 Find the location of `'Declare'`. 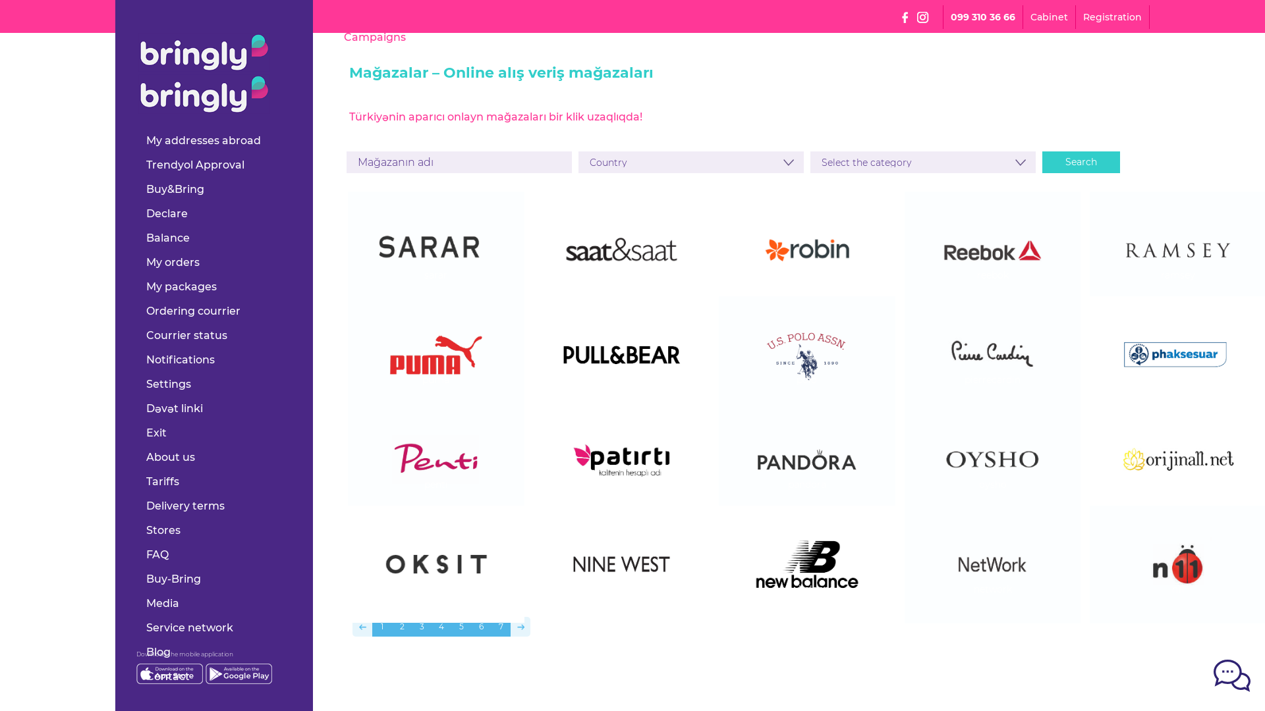

'Declare' is located at coordinates (166, 213).